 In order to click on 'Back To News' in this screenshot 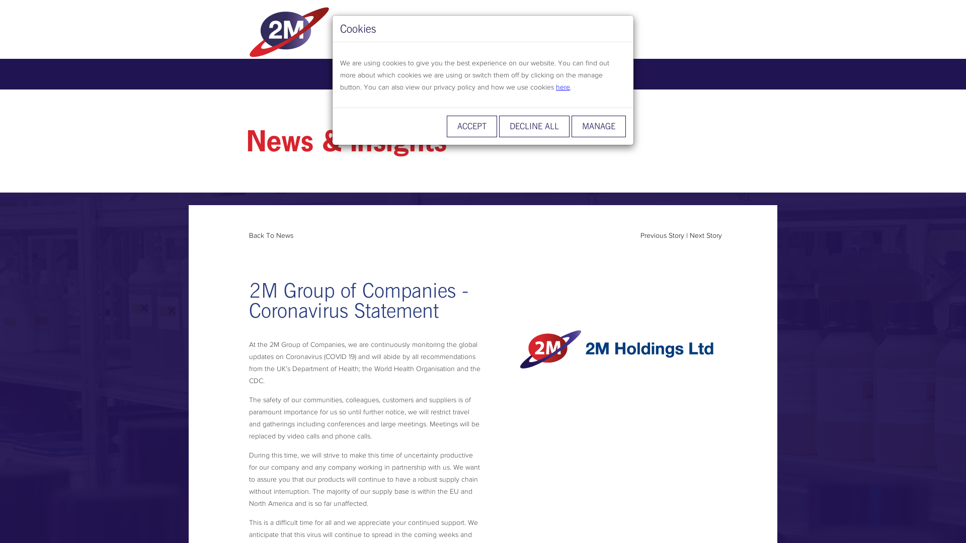, I will do `click(271, 235)`.